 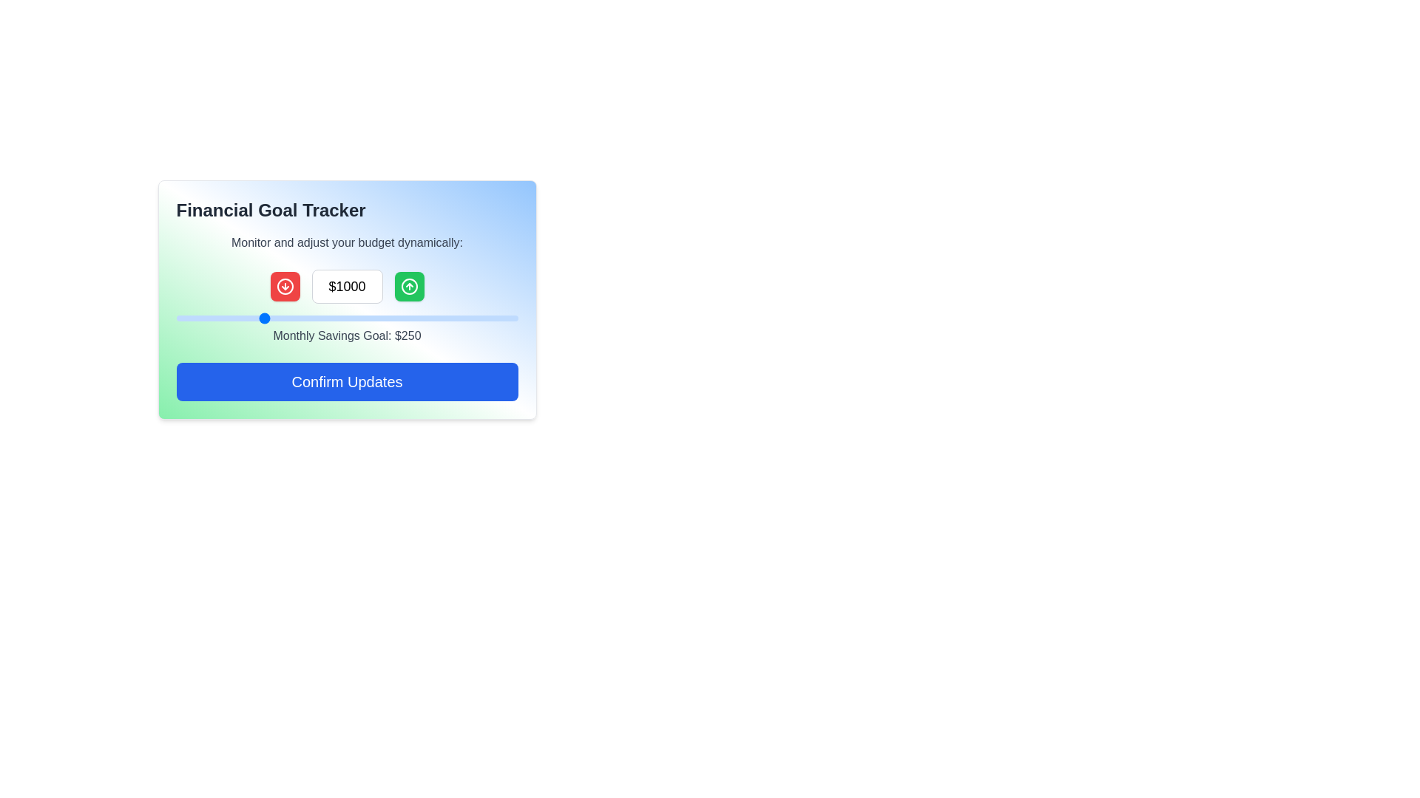 I want to click on the circular red icon with a downward pointing white arrow that is located within a red button, positioned to the left of a white text box displaying '$1000', so click(x=285, y=287).